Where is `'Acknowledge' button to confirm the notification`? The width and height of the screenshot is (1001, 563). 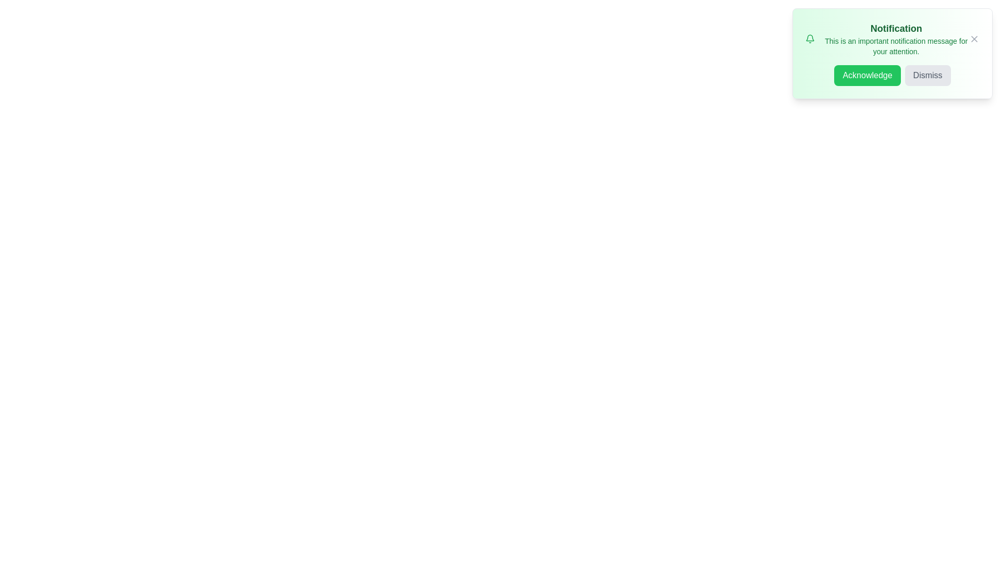
'Acknowledge' button to confirm the notification is located at coordinates (868, 75).